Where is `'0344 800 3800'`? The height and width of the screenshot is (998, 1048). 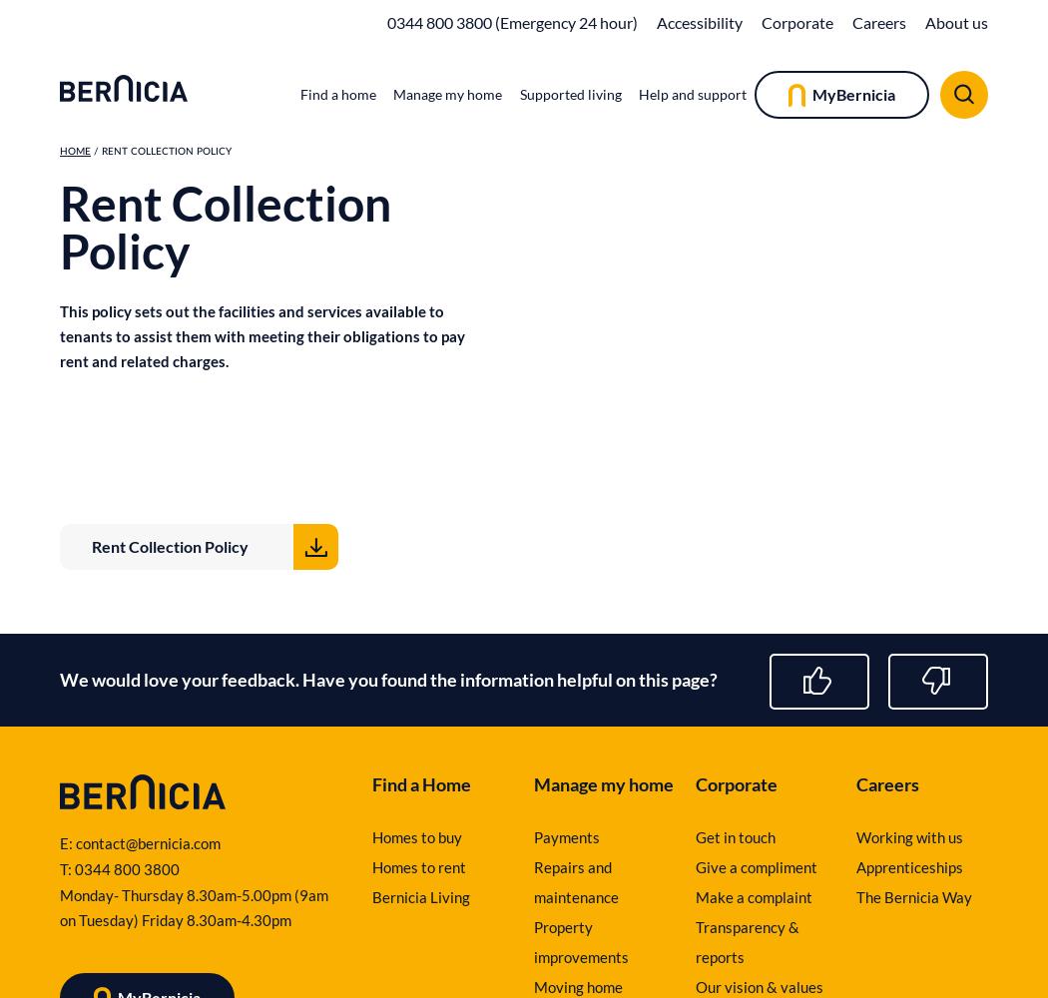 '0344 800 3800' is located at coordinates (126, 868).